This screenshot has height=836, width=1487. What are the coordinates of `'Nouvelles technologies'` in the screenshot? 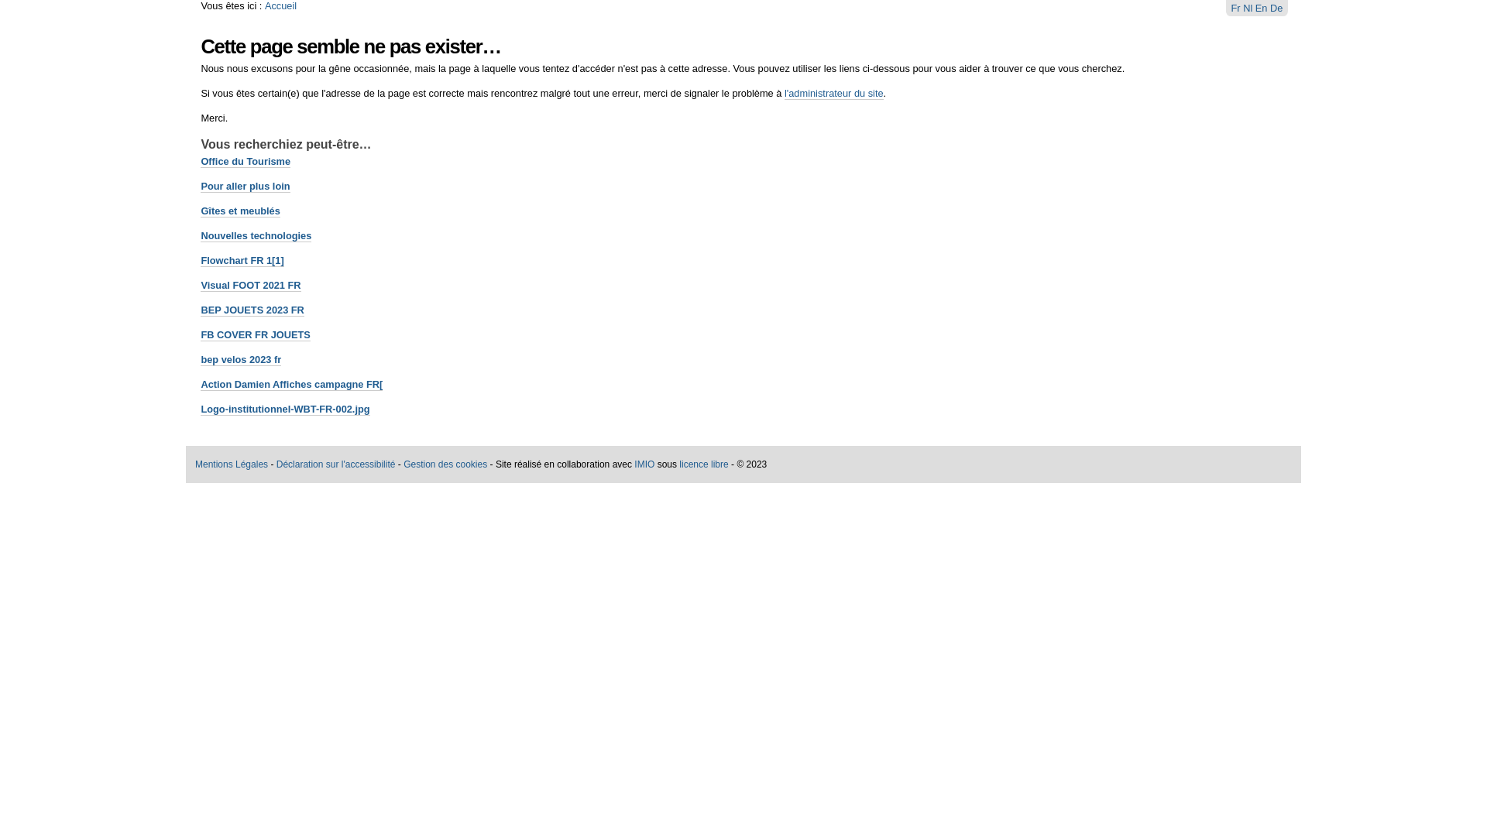 It's located at (256, 235).